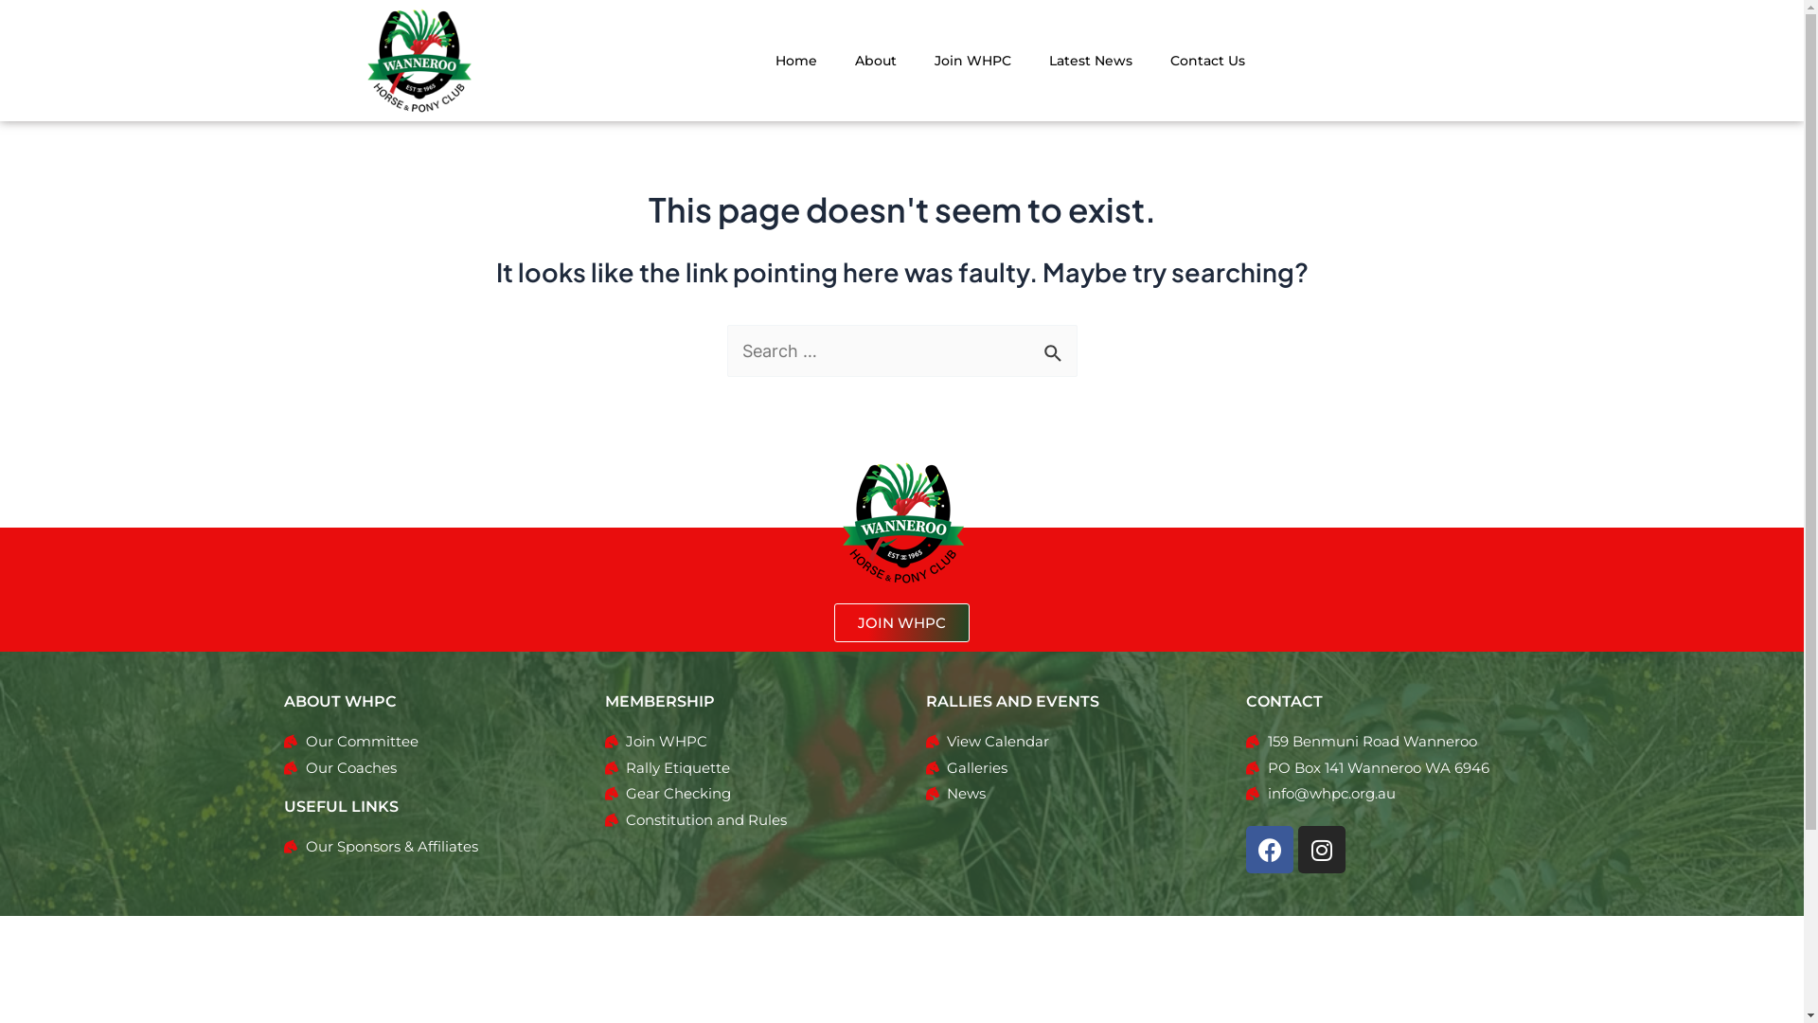 Image resolution: width=1818 pixels, height=1023 pixels. Describe the element at coordinates (1032, 347) in the screenshot. I see `'Search'` at that location.